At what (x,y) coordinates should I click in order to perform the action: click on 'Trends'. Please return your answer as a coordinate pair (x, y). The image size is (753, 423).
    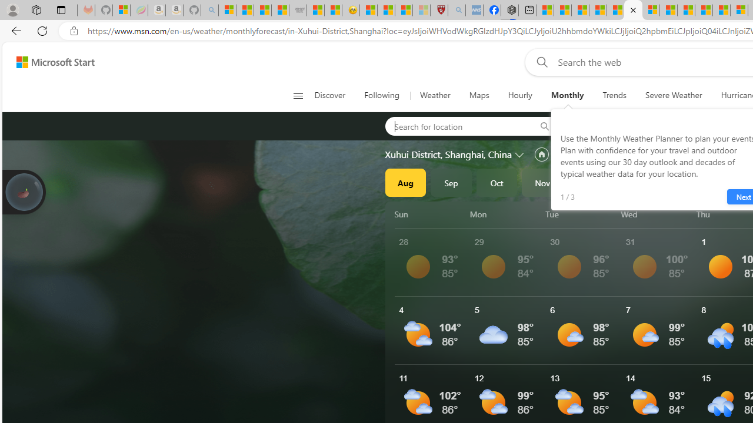
    Looking at the image, I should click on (614, 95).